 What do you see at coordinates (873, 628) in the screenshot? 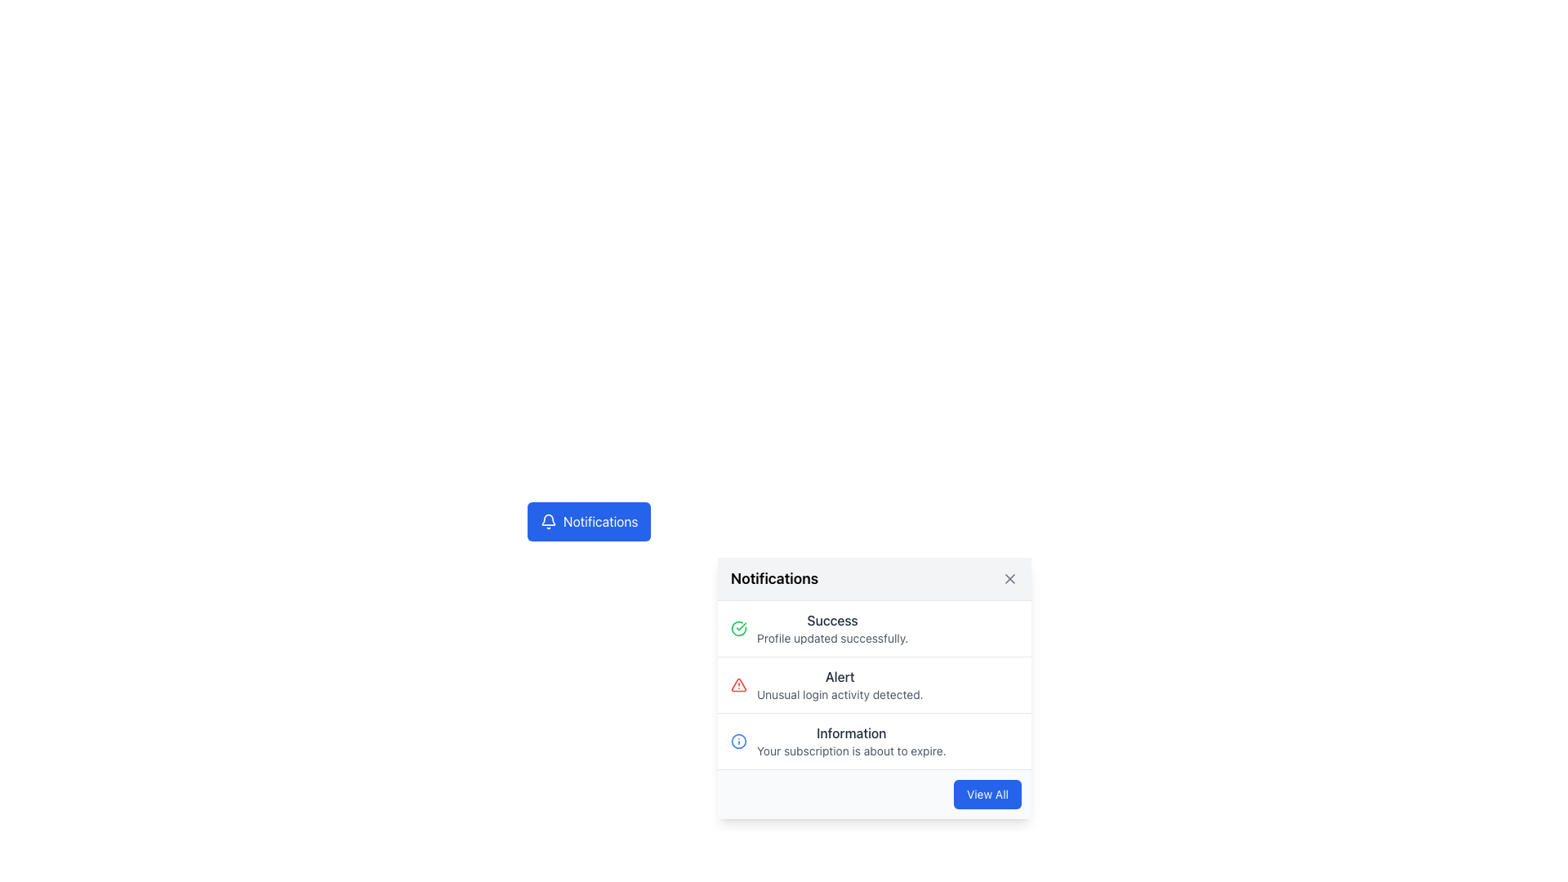
I see `the Notification item that displays a success message for profile updates, located at the first position in the notification list within a modal dialog` at bounding box center [873, 628].